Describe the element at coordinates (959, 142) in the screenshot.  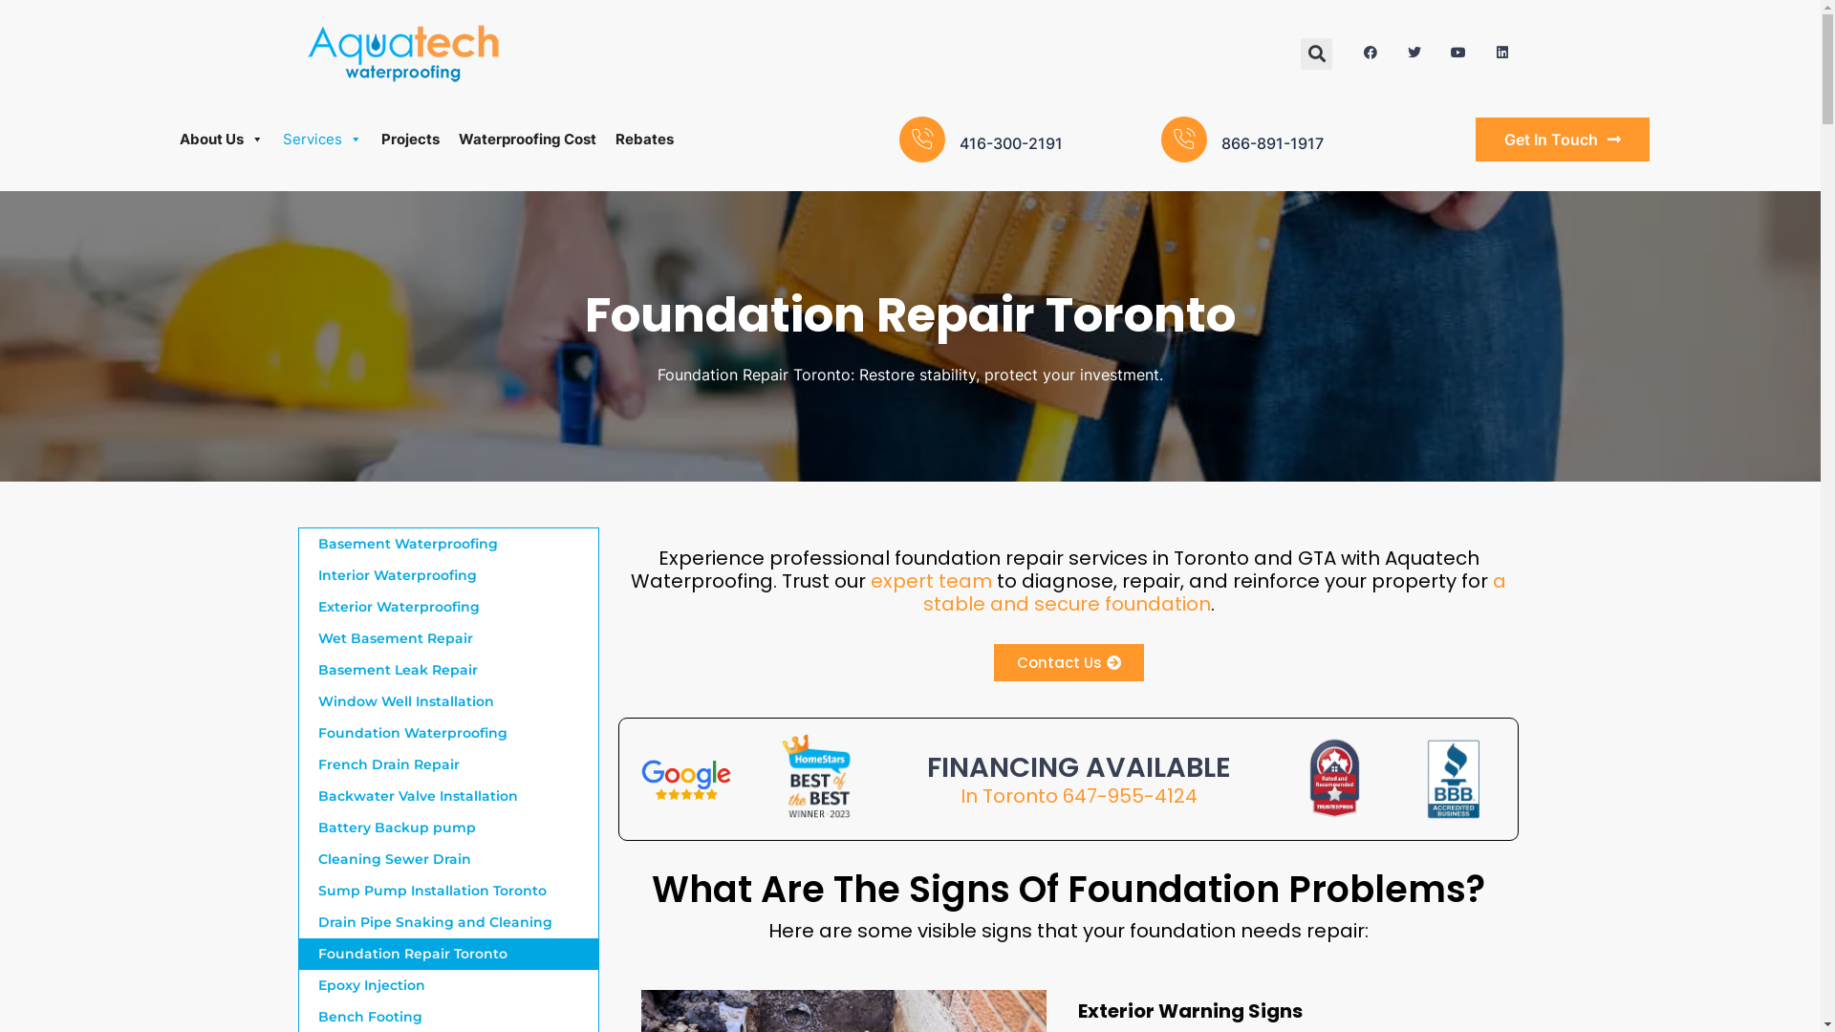
I see `'416-300-2191'` at that location.